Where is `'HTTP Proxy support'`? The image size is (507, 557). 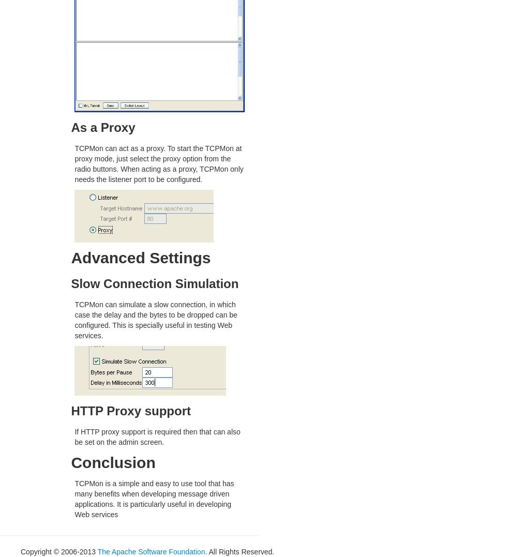 'HTTP Proxy support' is located at coordinates (71, 411).